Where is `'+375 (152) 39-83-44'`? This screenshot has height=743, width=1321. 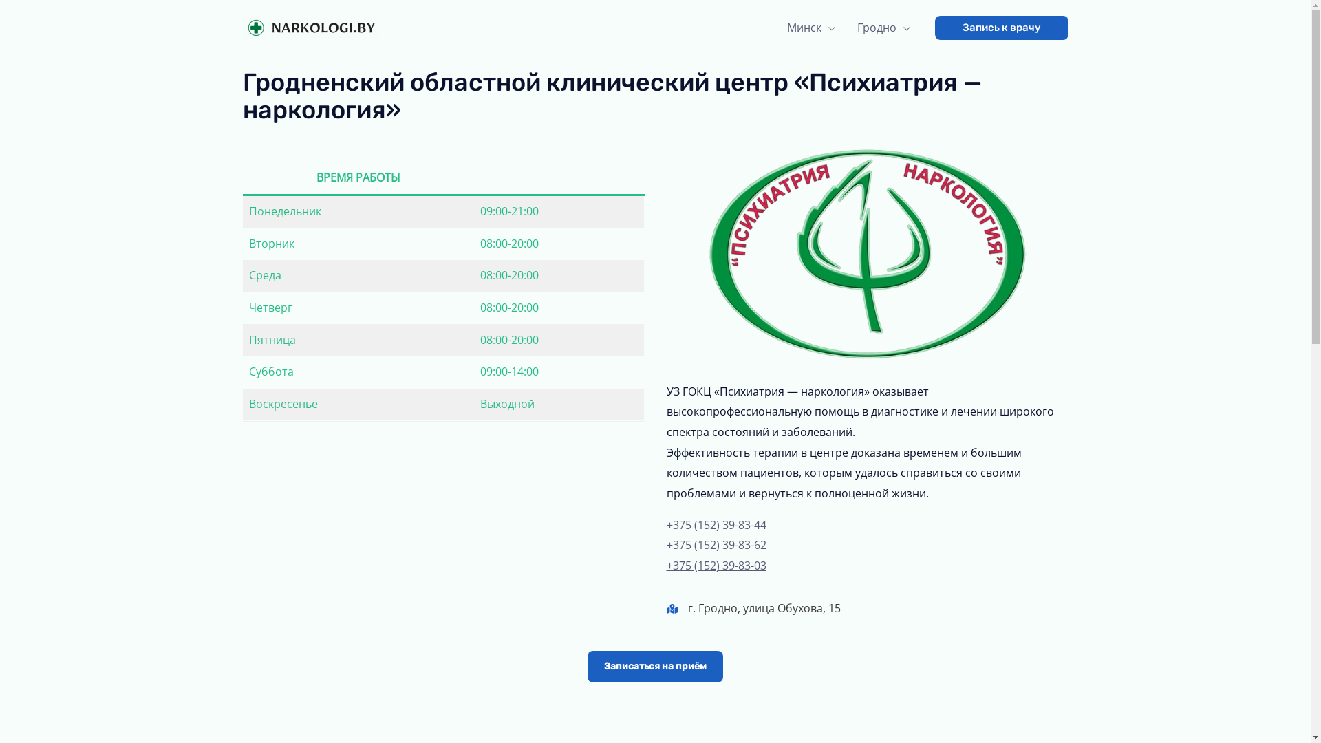 '+375 (152) 39-83-44' is located at coordinates (716, 525).